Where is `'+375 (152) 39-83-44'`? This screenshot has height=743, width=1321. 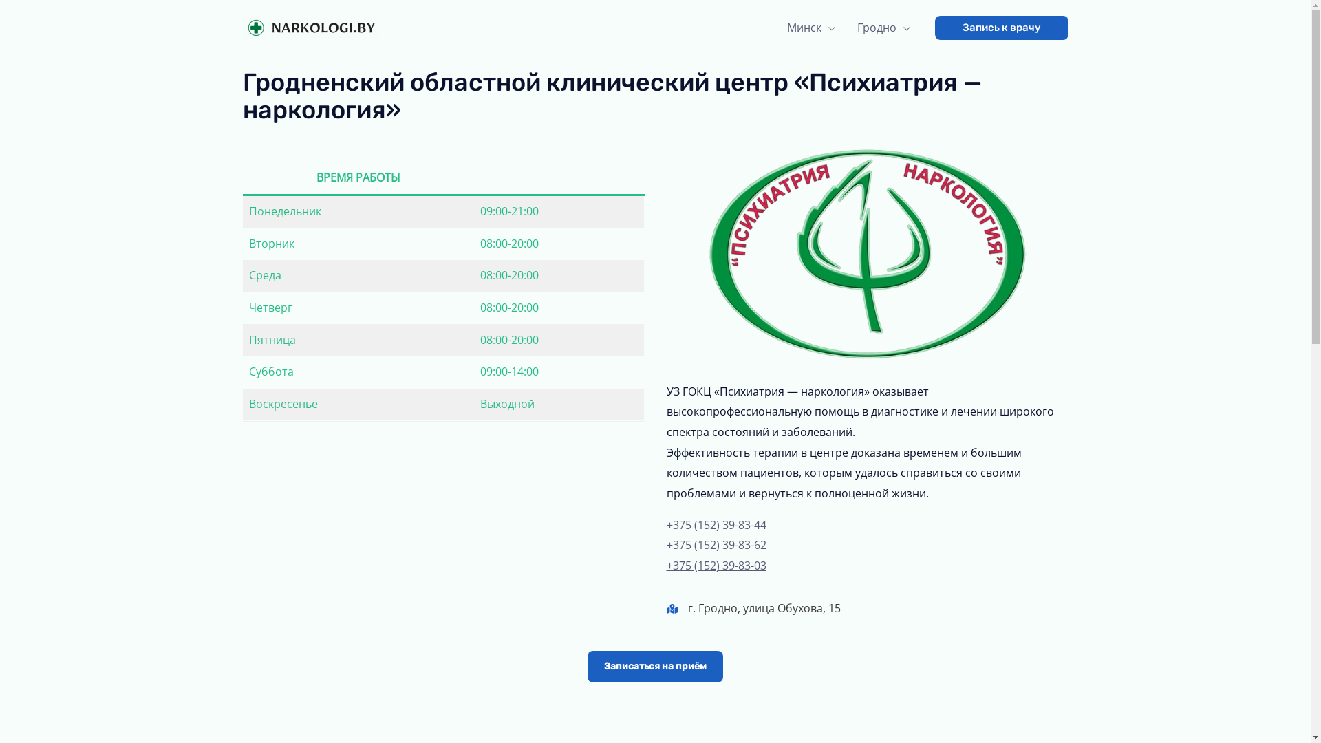 '+375 (152) 39-83-44' is located at coordinates (716, 525).